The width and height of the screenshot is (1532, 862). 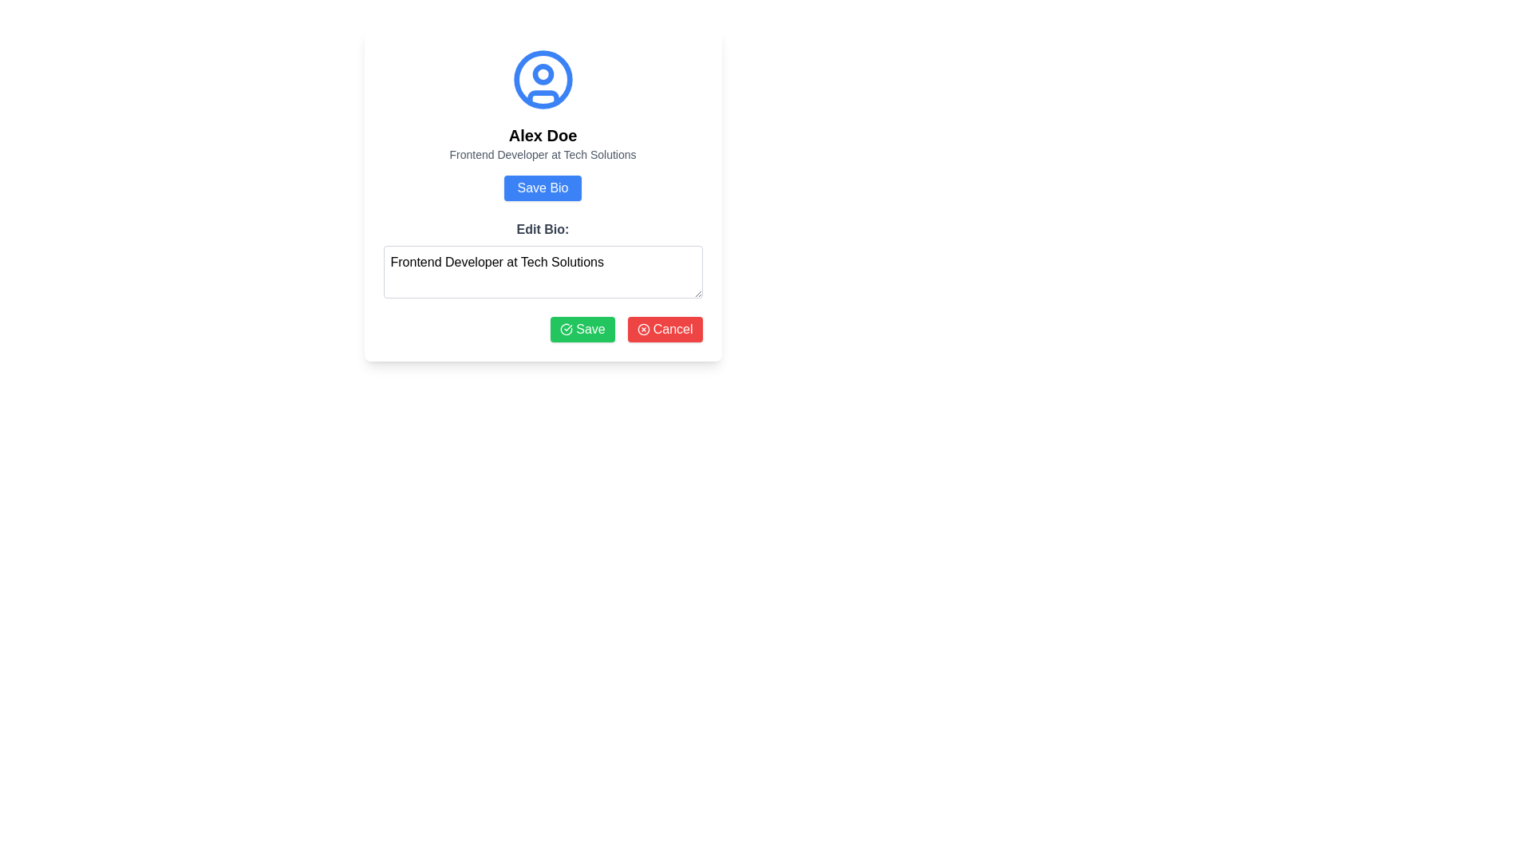 What do you see at coordinates (543, 271) in the screenshot?
I see `on the text input field that contains the text 'Frontend Developer at Tech Solutions', styled with rounded corners and bordered by a thin gray line, located below the 'Edit Bio:' text` at bounding box center [543, 271].